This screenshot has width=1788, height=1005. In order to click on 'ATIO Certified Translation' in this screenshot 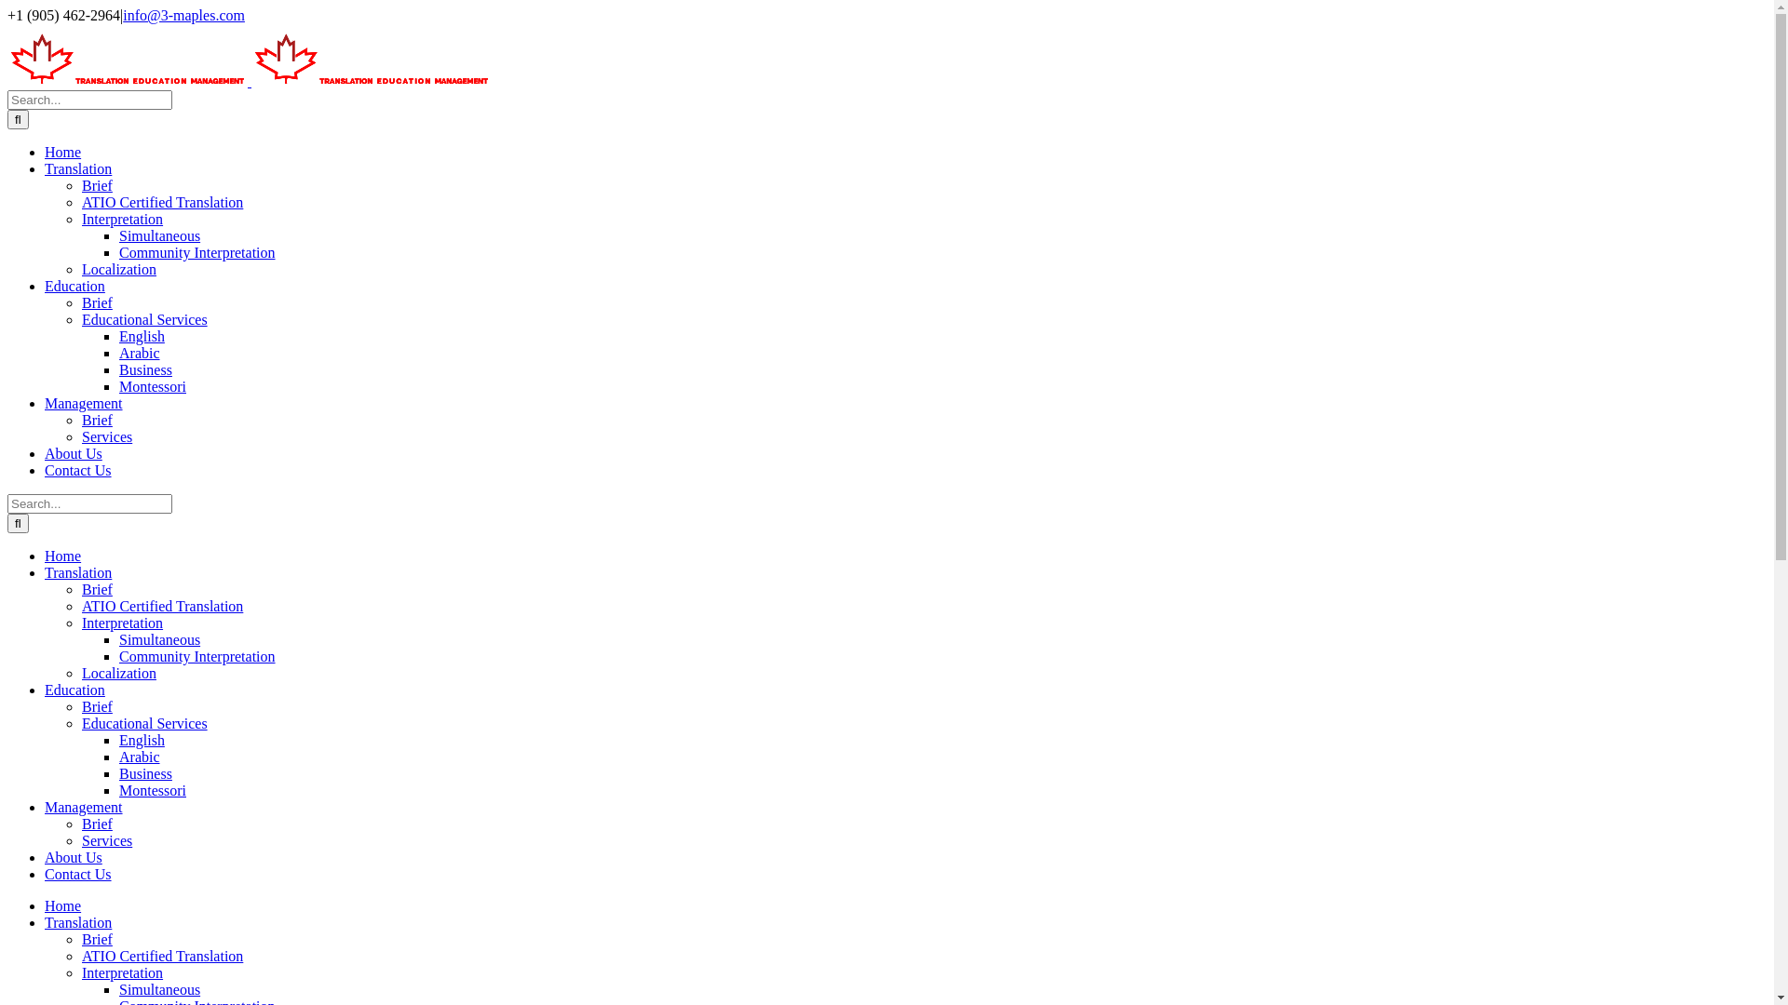, I will do `click(162, 606)`.